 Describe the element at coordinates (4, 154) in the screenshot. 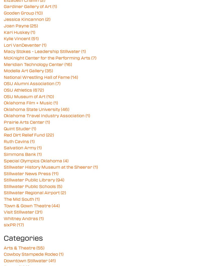

I see `'Simmons Bank'` at that location.